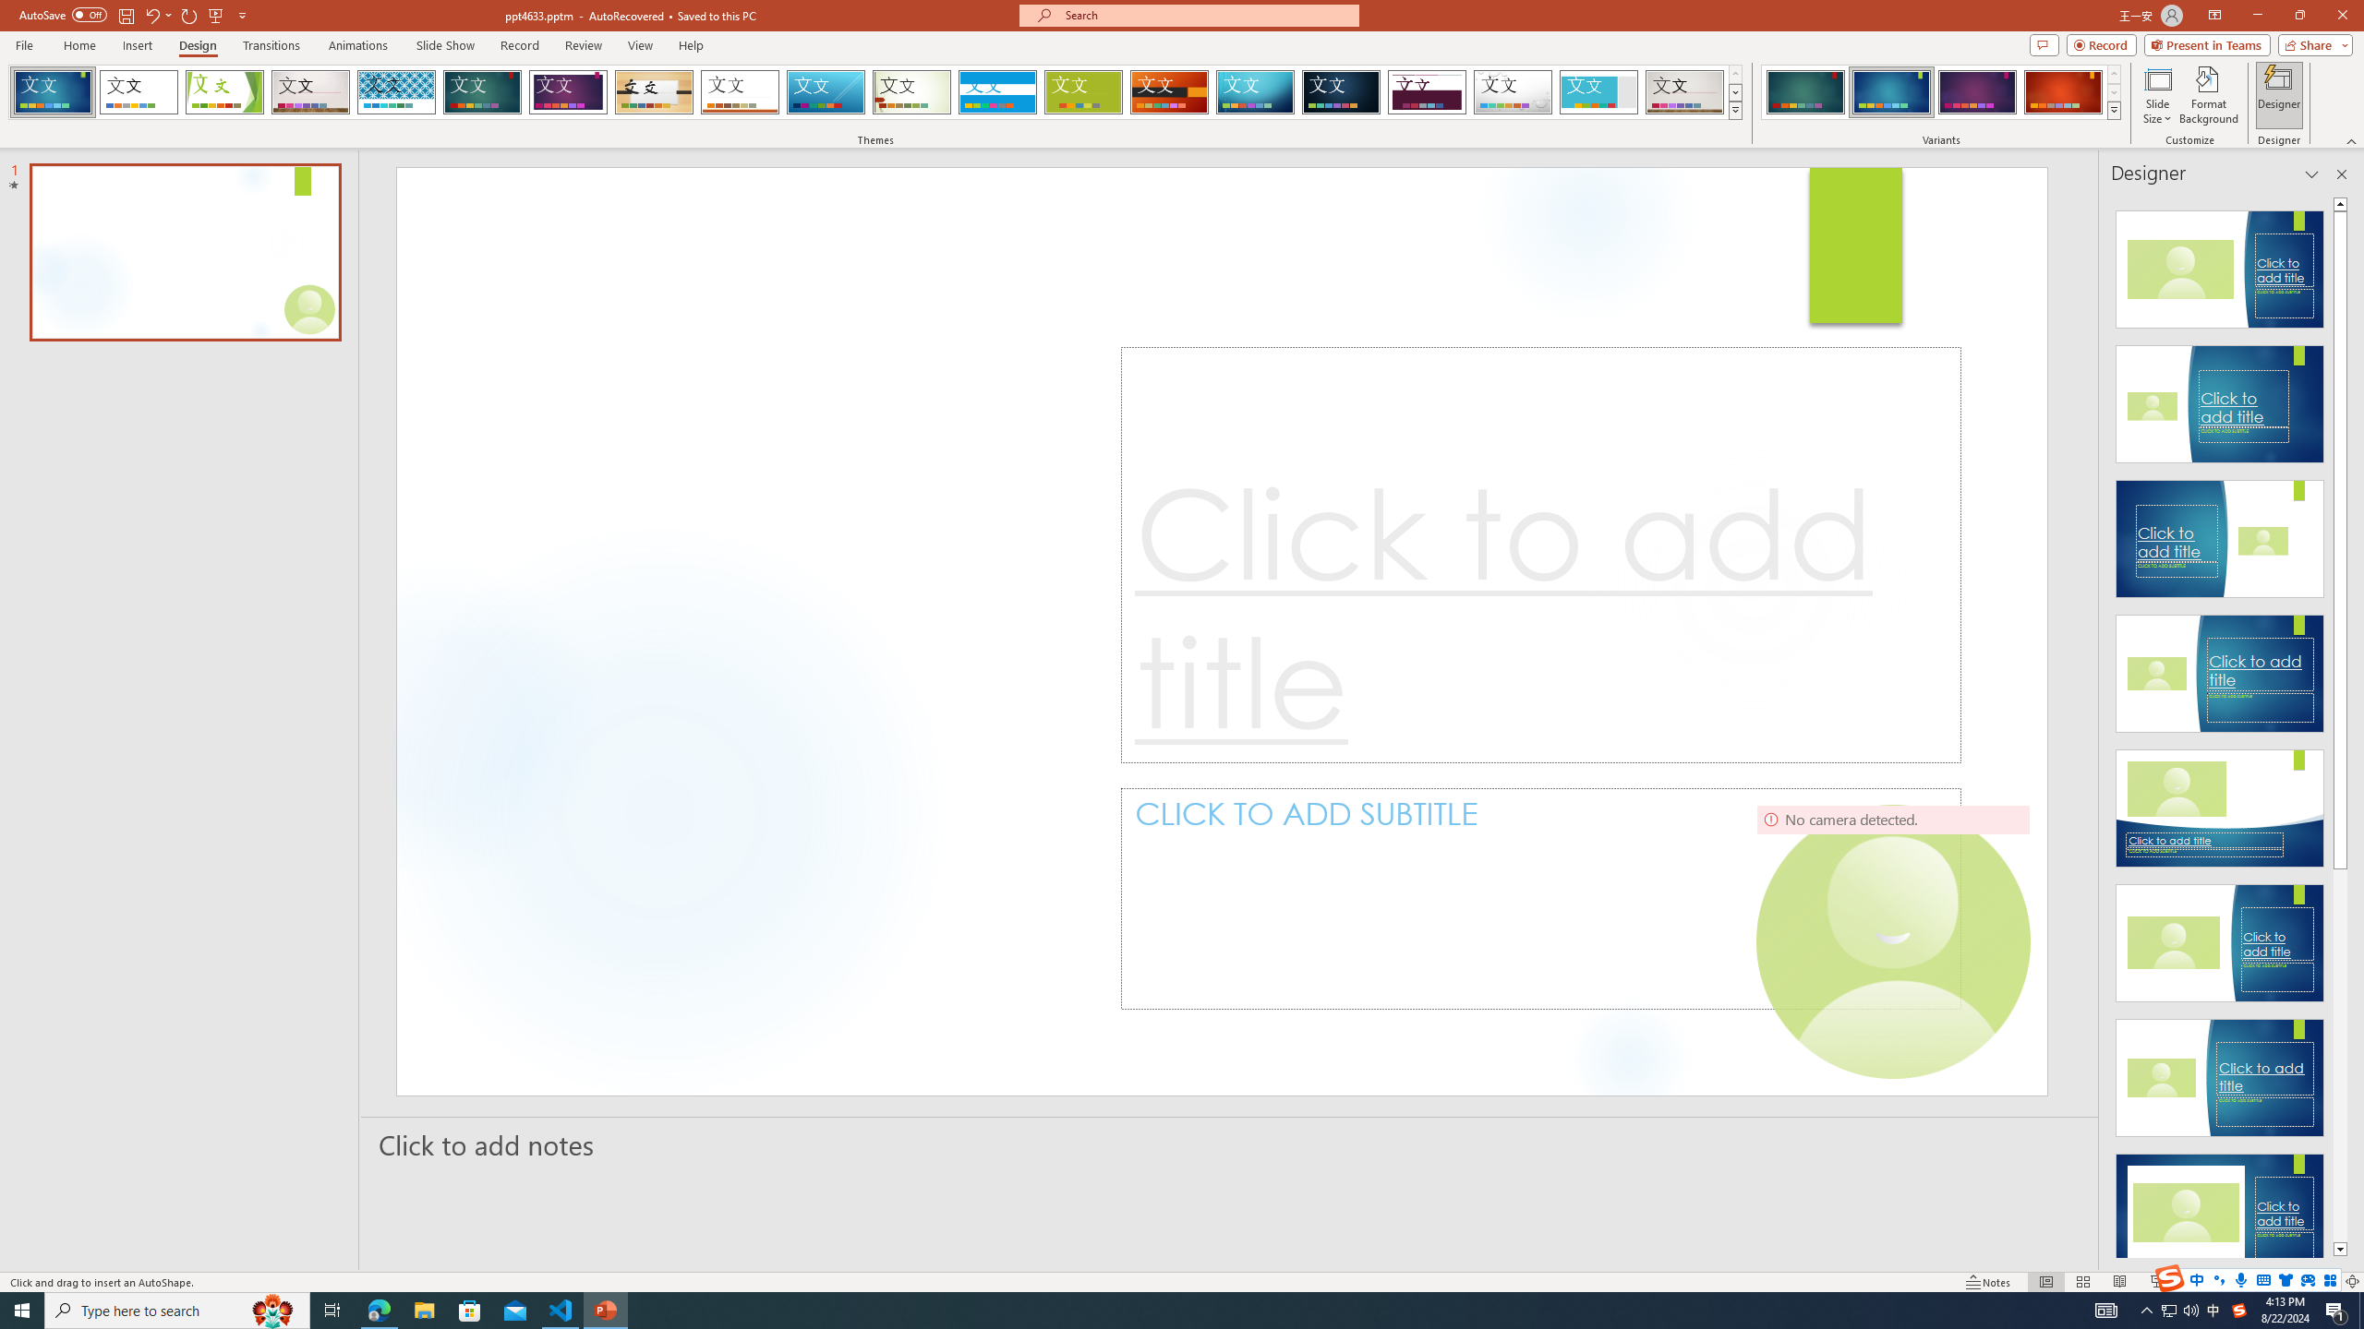 This screenshot has width=2364, height=1329. What do you see at coordinates (136, 45) in the screenshot?
I see `'Insert'` at bounding box center [136, 45].